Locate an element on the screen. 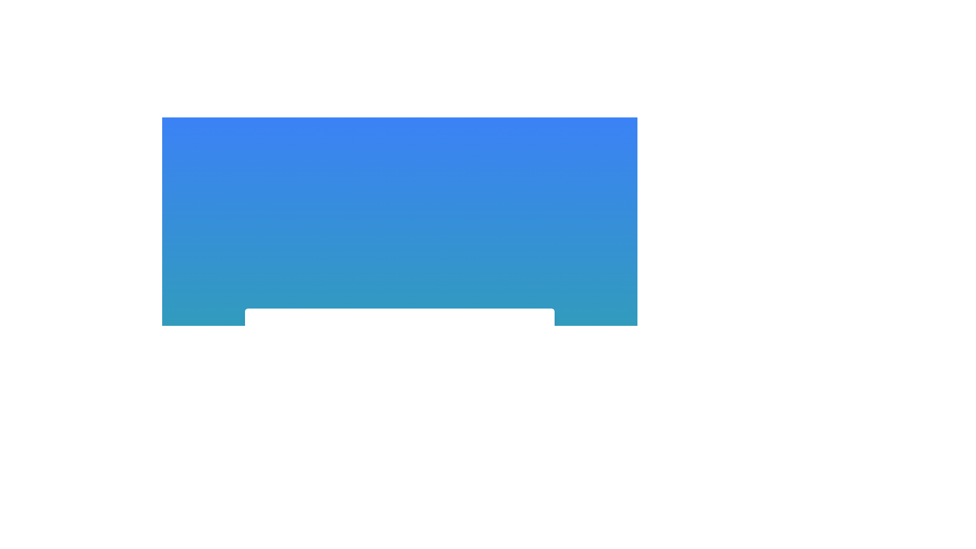 The height and width of the screenshot is (549, 976). the small square with rounded corners located in the first column and first row of the grid layout is located at coordinates (485, 364).